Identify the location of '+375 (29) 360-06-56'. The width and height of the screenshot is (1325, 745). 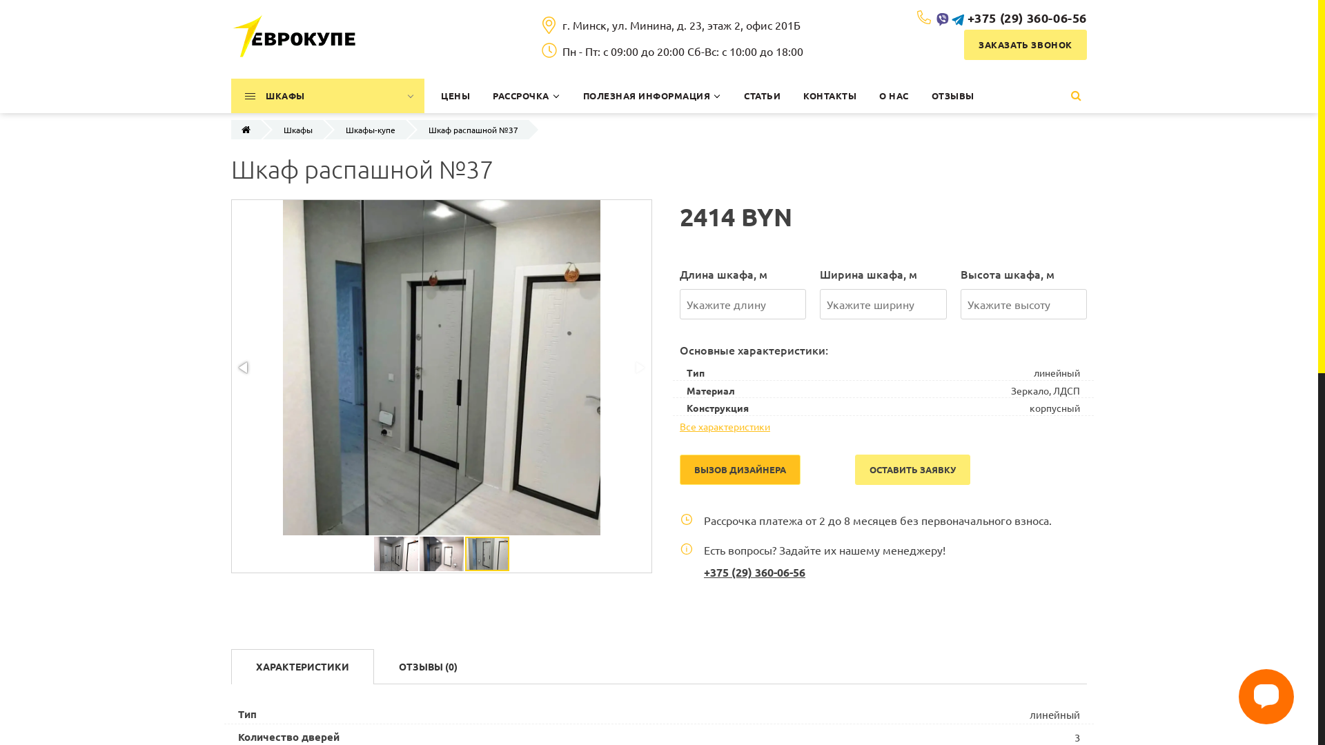
(1027, 17).